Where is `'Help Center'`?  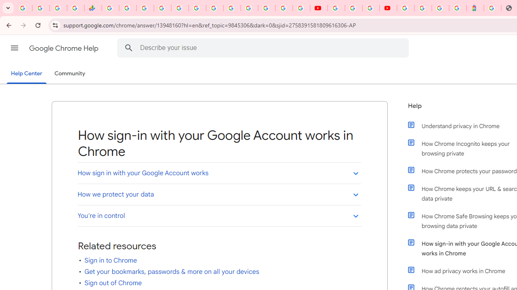
'Help Center' is located at coordinates (26, 74).